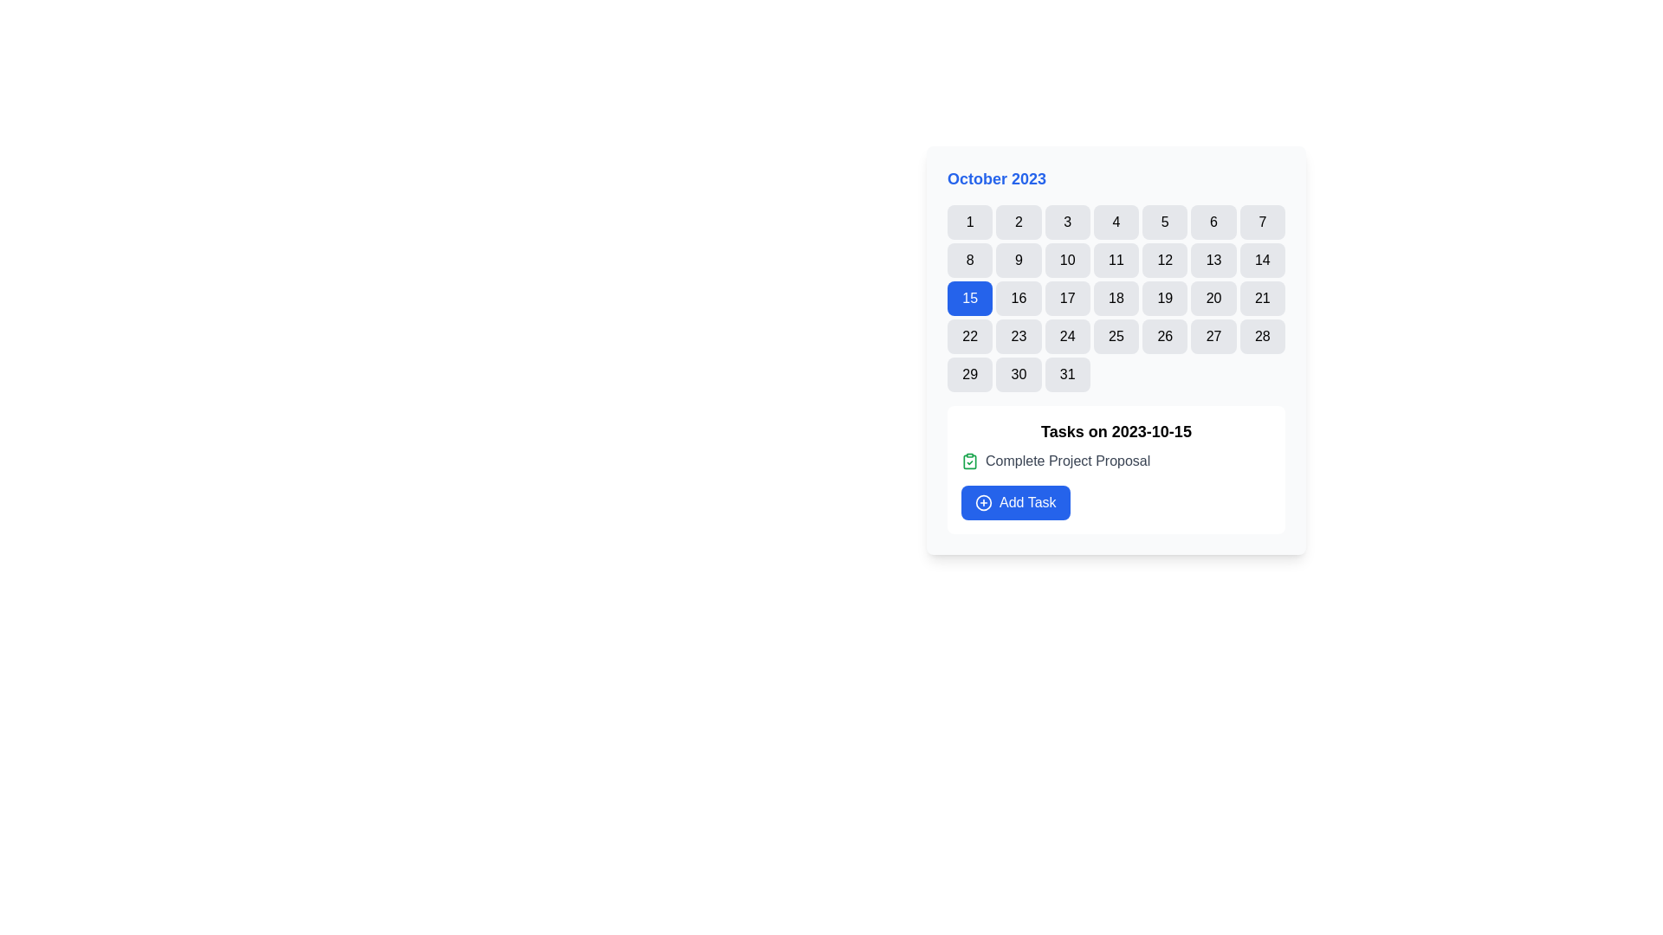  Describe the element at coordinates (1066, 337) in the screenshot. I see `the button representing the 24th day of the month in the calendar interface` at that location.